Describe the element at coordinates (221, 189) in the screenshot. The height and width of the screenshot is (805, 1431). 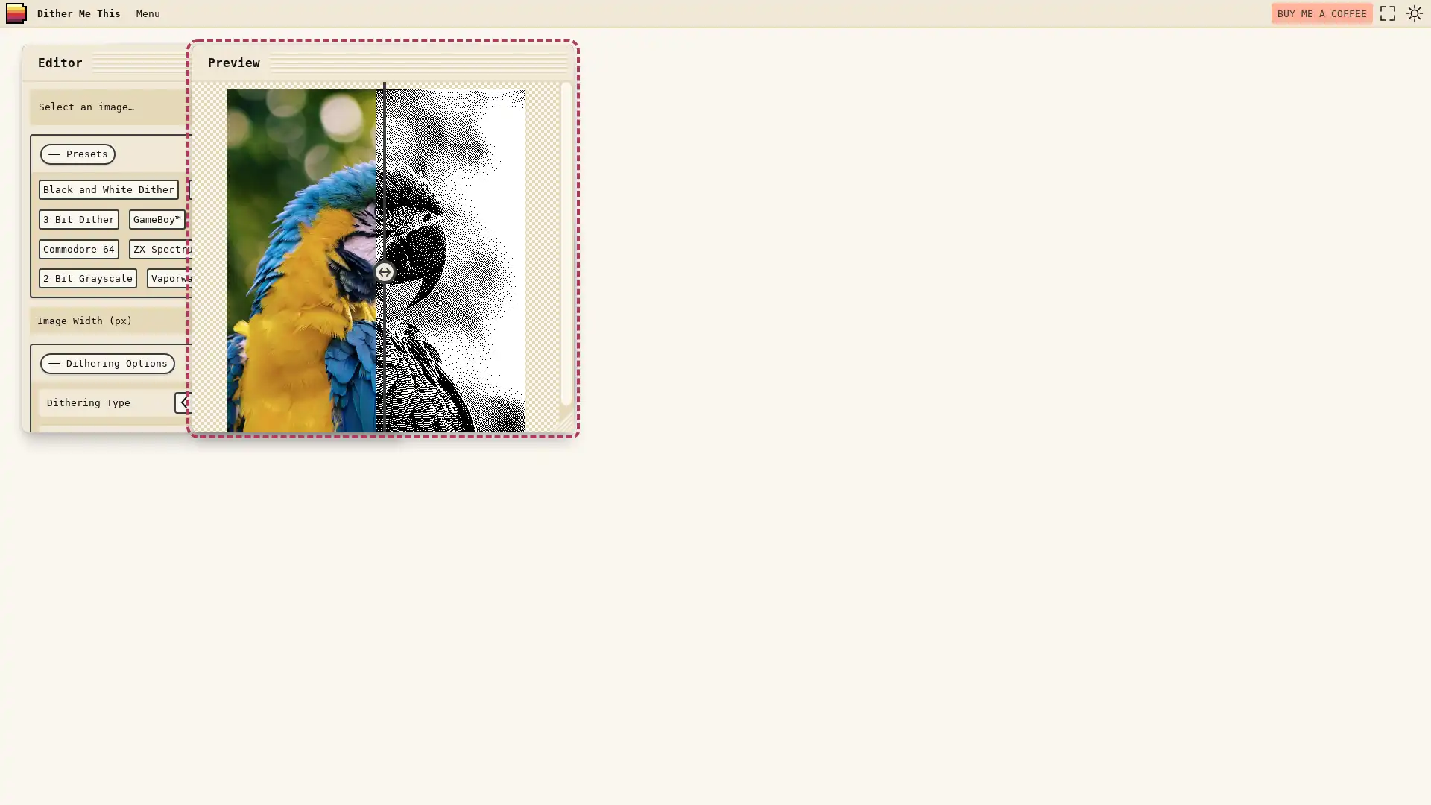
I see `RGB Dither` at that location.